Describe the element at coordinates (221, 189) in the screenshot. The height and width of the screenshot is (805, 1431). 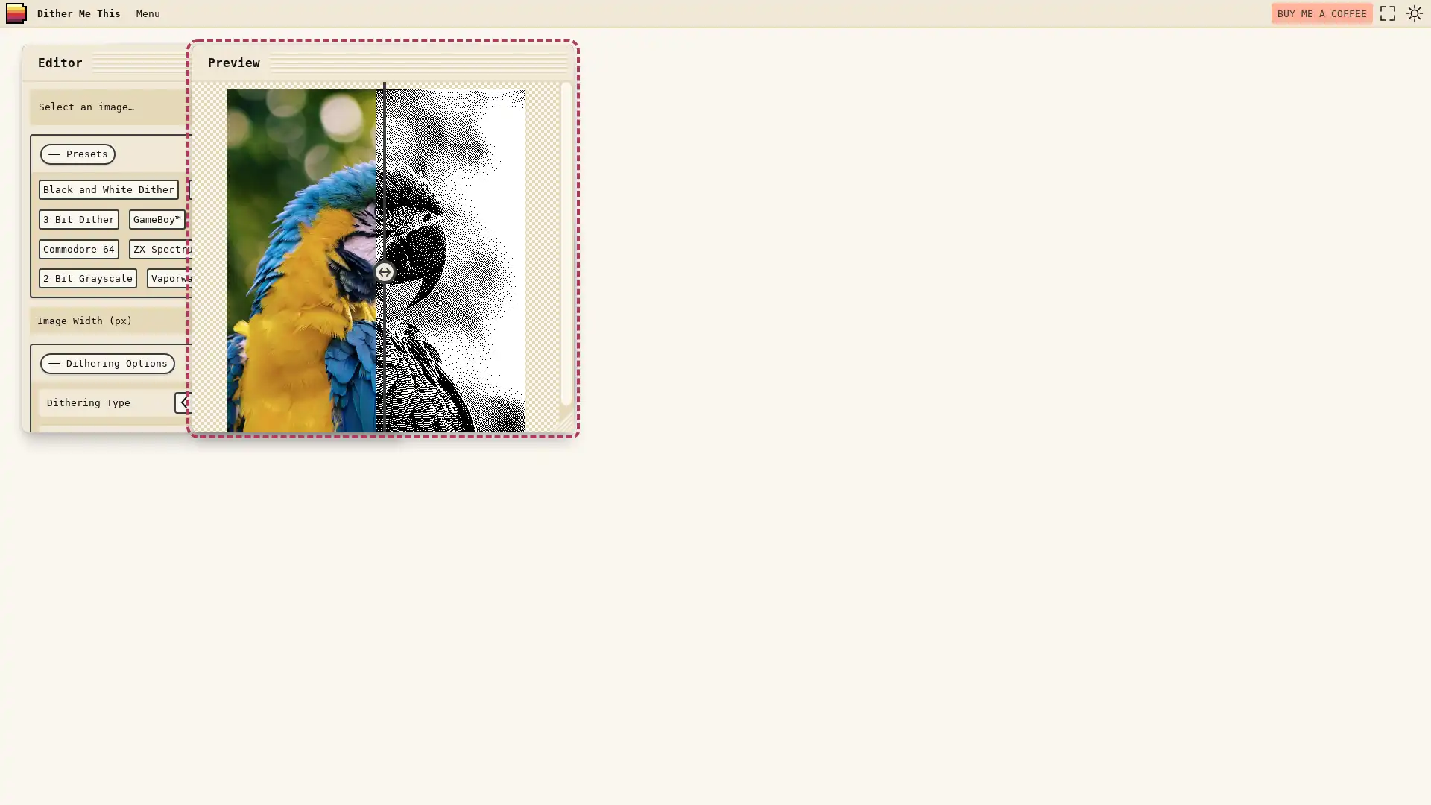
I see `RGB Dither` at that location.